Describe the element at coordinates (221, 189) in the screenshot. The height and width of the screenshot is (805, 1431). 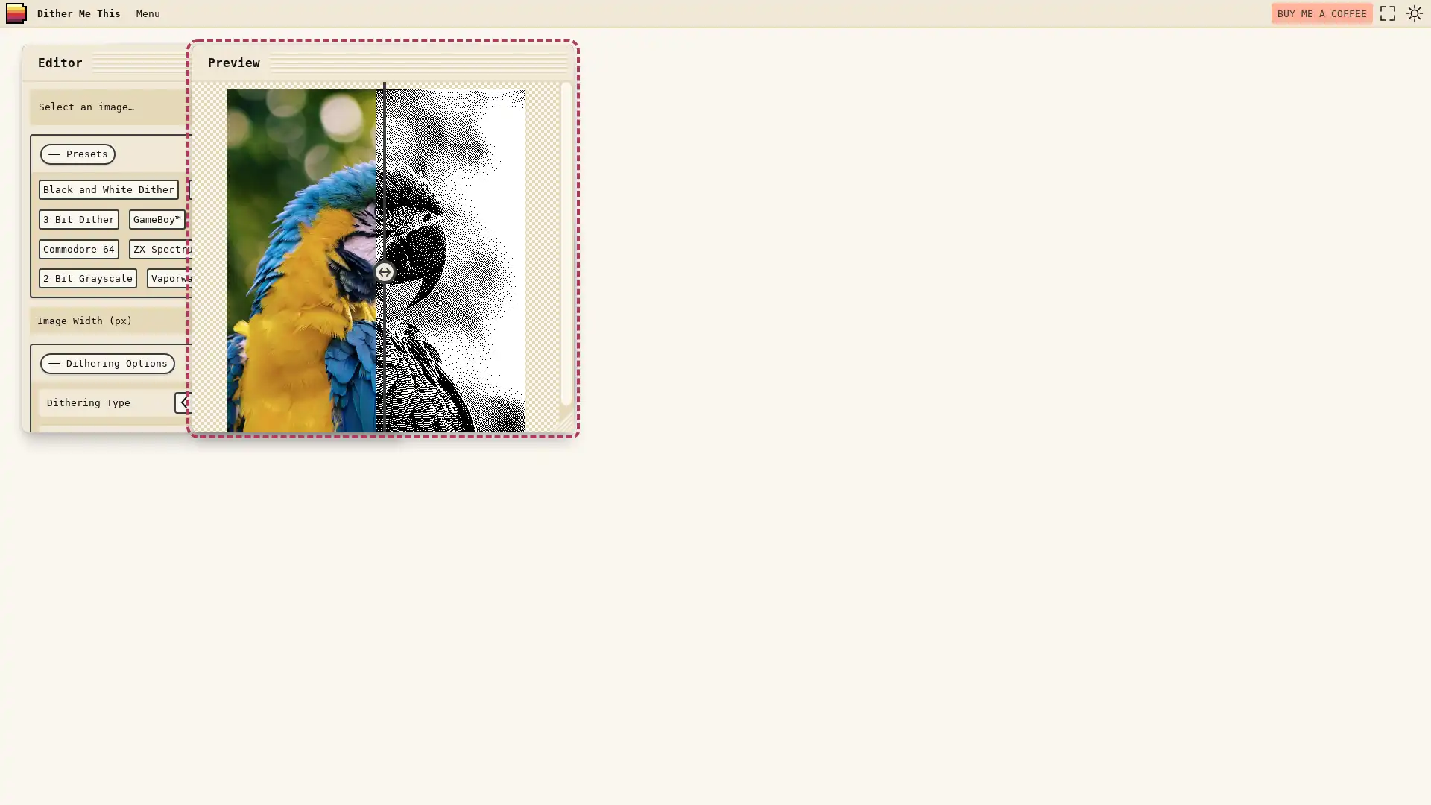
I see `RGB Dither` at that location.